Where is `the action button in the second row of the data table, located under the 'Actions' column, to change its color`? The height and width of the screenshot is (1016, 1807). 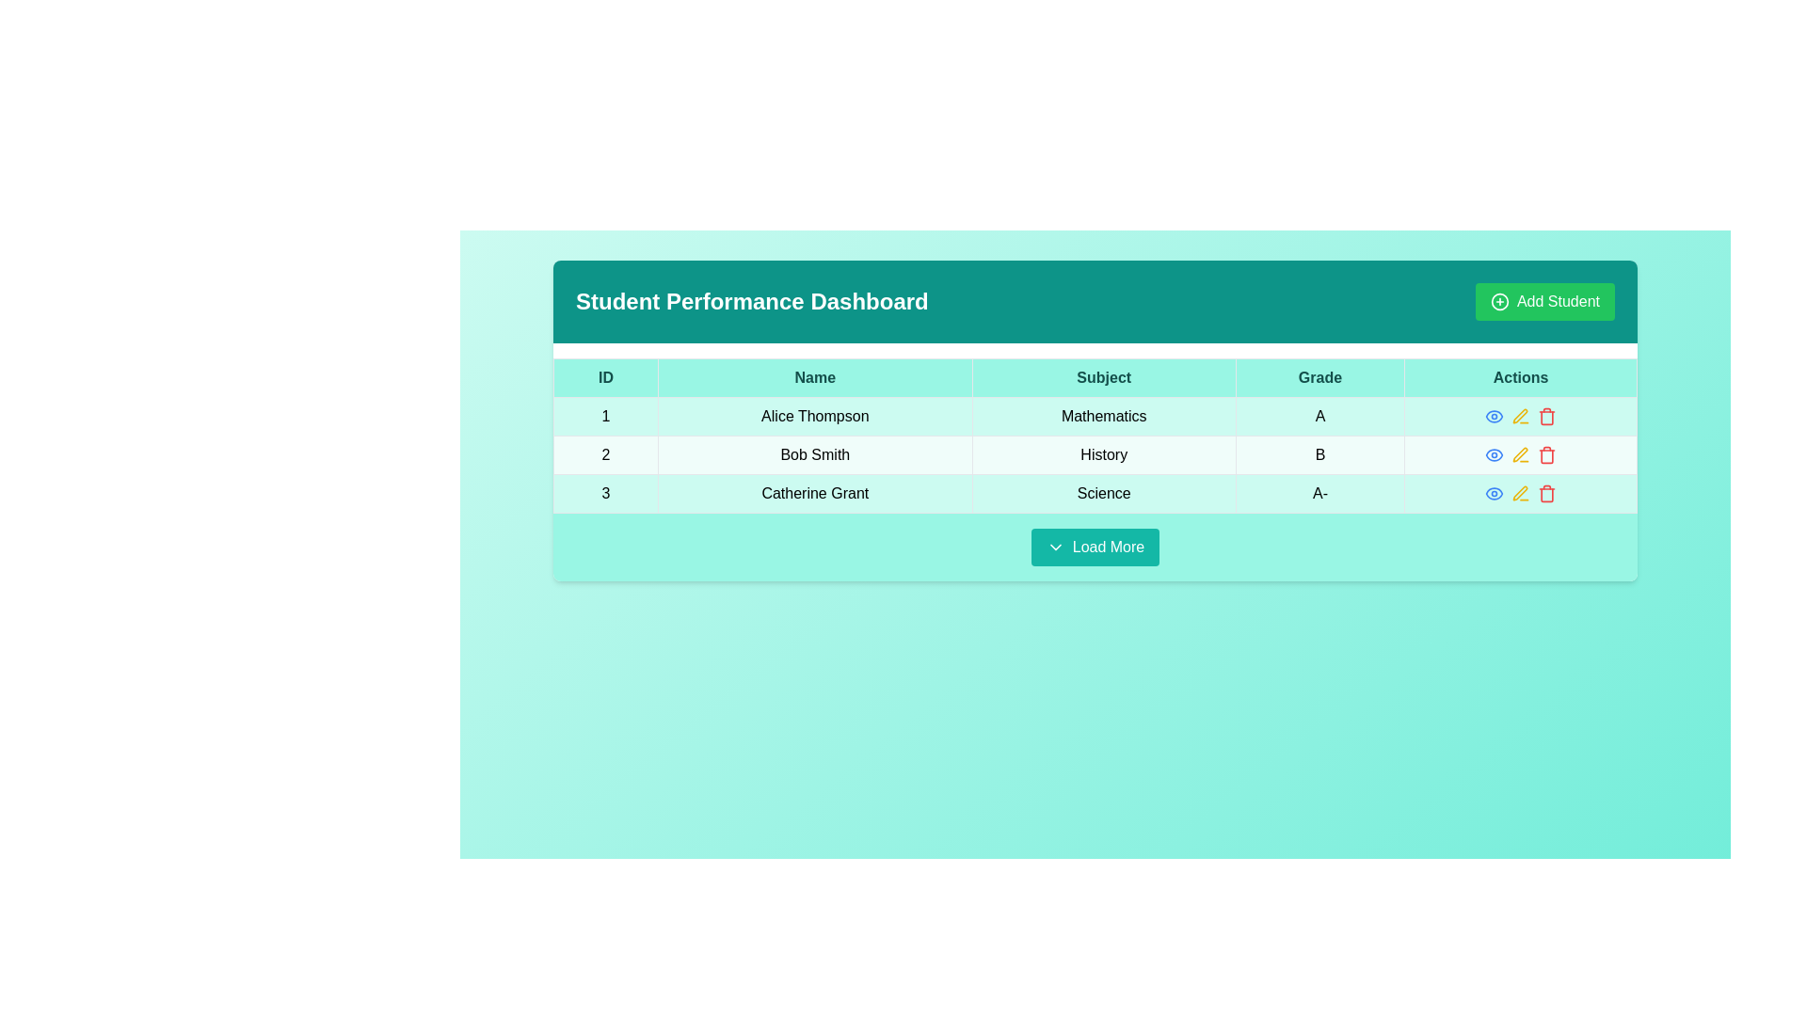 the action button in the second row of the data table, located under the 'Actions' column, to change its color is located at coordinates (1494, 454).